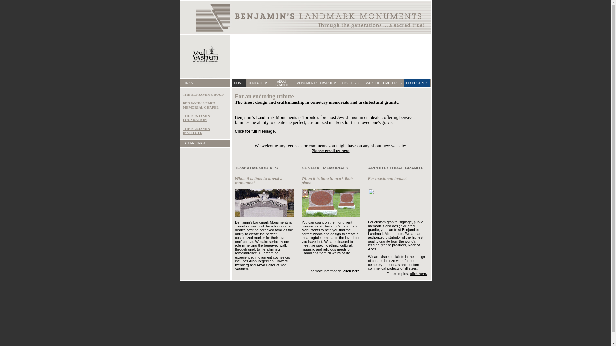  Describe the element at coordinates (416, 83) in the screenshot. I see `'JOB POSTINGS'` at that location.